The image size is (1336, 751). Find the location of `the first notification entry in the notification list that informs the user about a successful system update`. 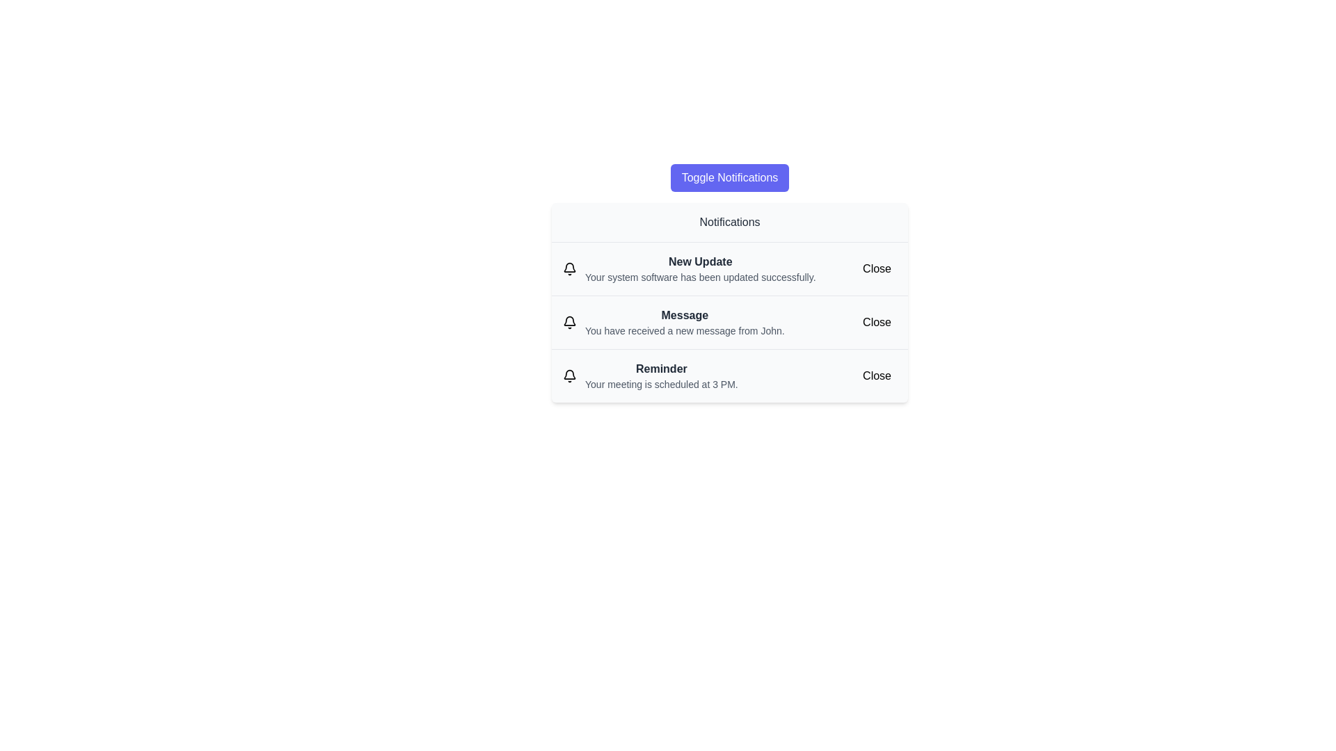

the first notification entry in the notification list that informs the user about a successful system update is located at coordinates (729, 268).